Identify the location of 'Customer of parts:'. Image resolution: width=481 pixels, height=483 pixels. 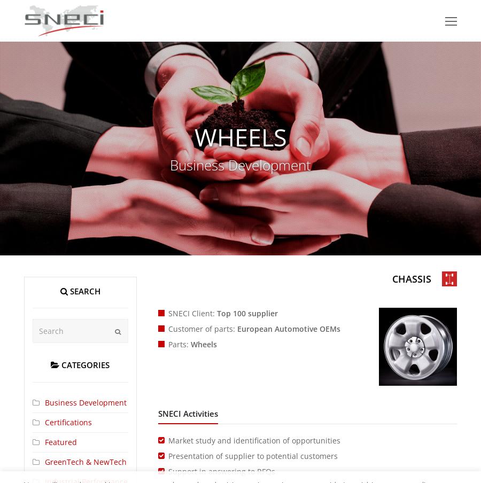
(203, 328).